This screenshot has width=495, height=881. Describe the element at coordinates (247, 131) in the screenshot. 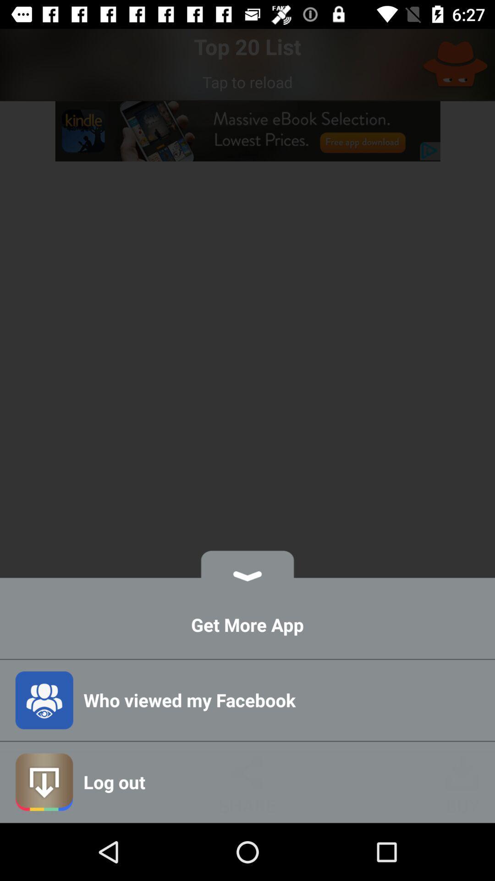

I see `icon below the tap to reload item` at that location.